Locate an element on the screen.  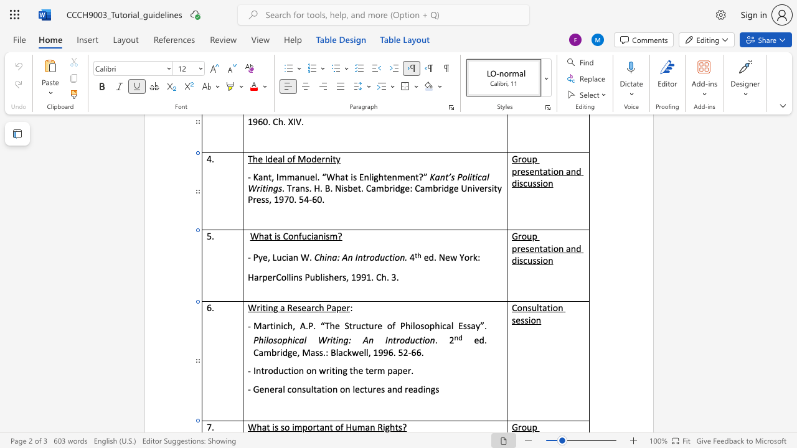
the 1th character "P" in the text is located at coordinates (255, 257).